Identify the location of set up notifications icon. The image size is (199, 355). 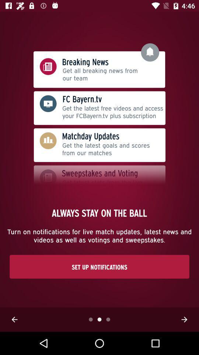
(99, 266).